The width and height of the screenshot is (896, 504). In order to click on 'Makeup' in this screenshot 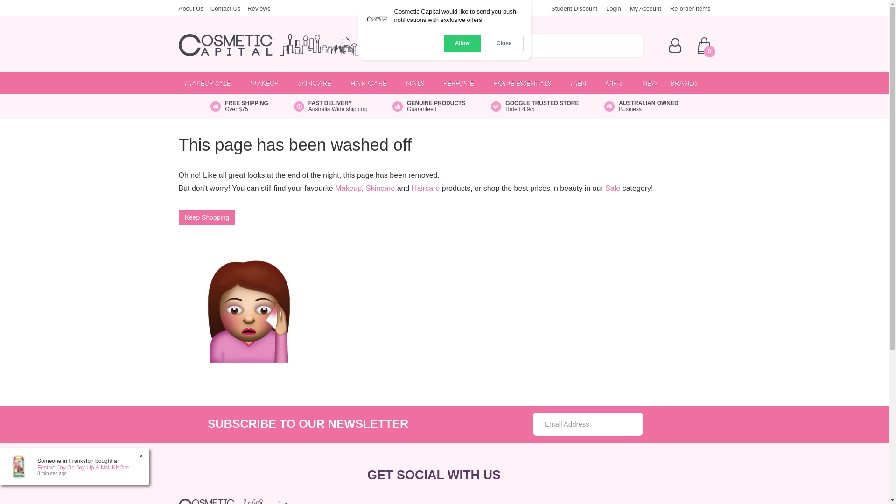, I will do `click(348, 188)`.